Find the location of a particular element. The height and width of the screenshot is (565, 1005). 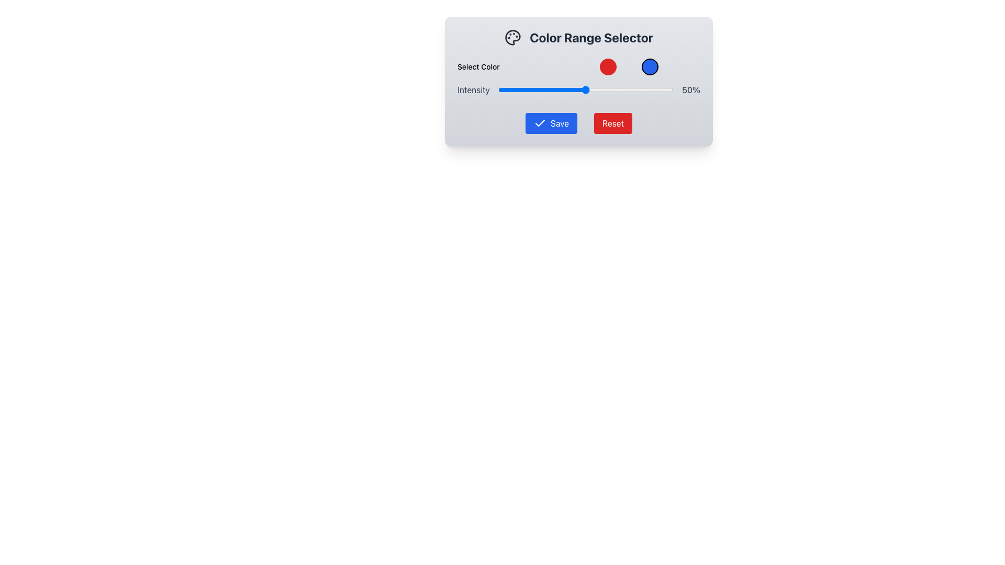

the bold text labeled 'Color Range Selector' which is prominently displayed at the top-center of the layout, aligned with a palette icon to its left is located at coordinates (591, 37).